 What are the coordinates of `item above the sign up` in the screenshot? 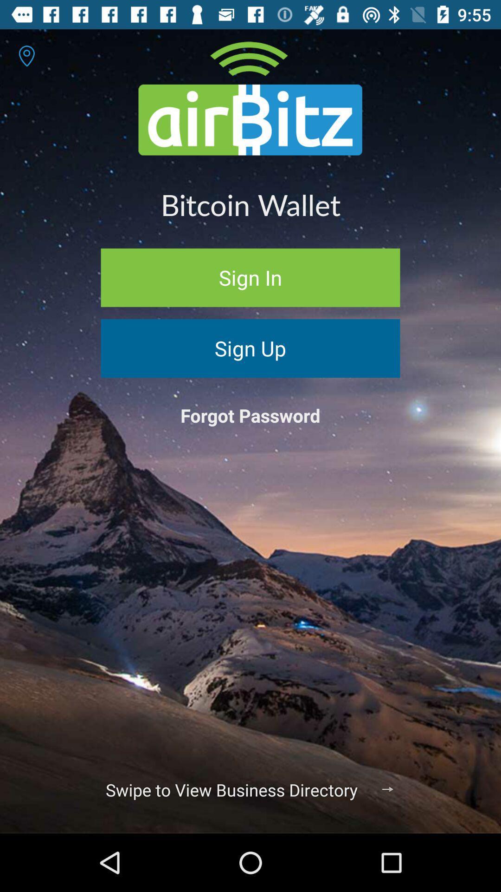 It's located at (250, 277).